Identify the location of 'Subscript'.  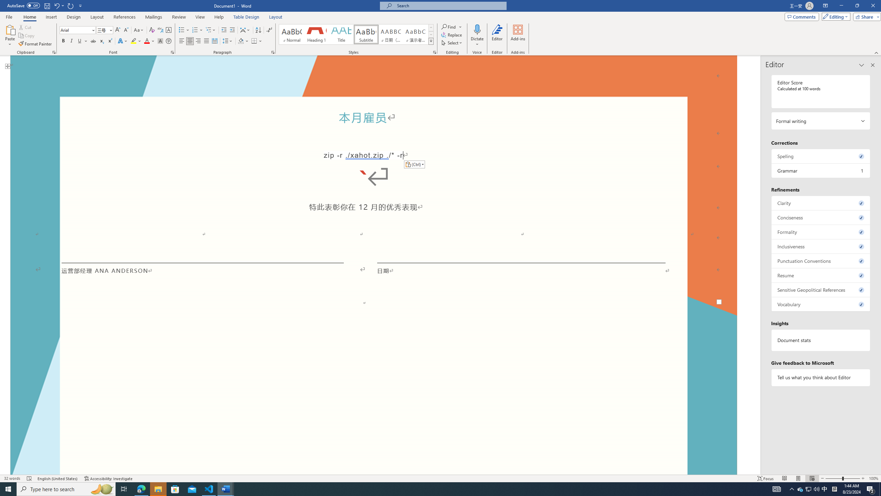
(101, 41).